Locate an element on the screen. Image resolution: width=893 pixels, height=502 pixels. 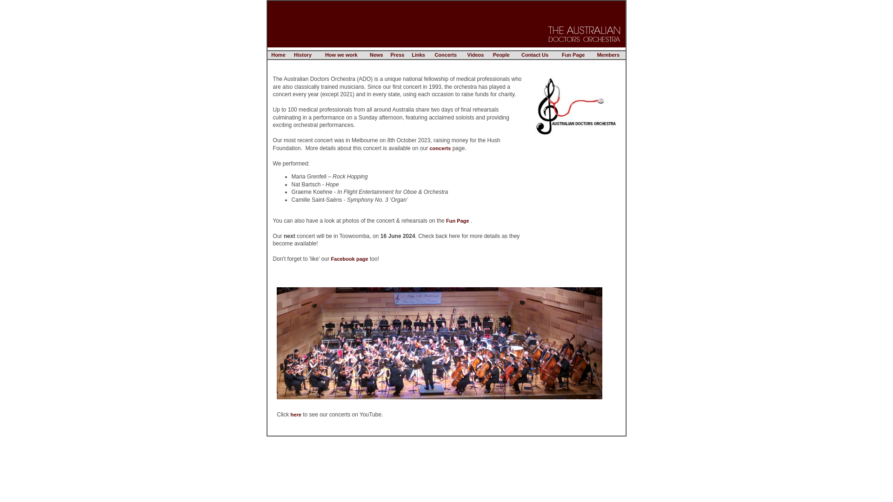
'here' is located at coordinates (295, 414).